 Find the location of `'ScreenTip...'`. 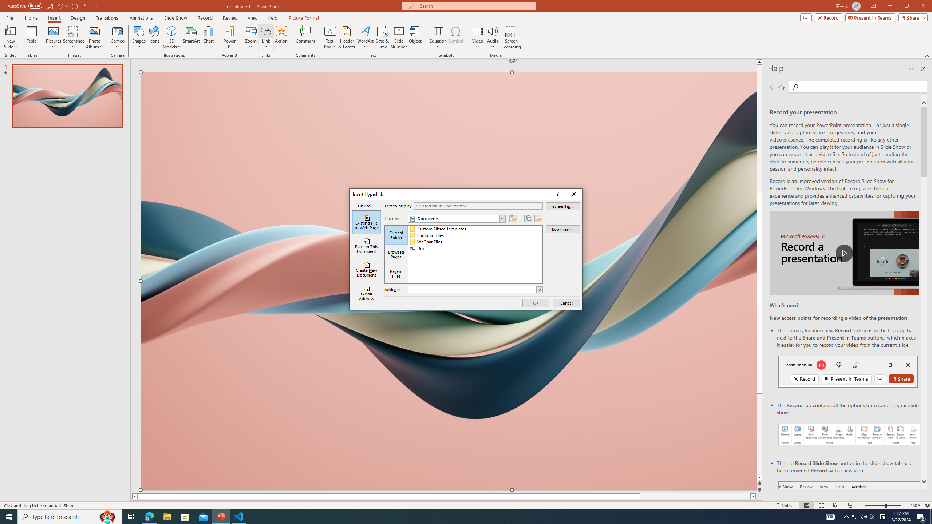

'ScreenTip...' is located at coordinates (563, 206).